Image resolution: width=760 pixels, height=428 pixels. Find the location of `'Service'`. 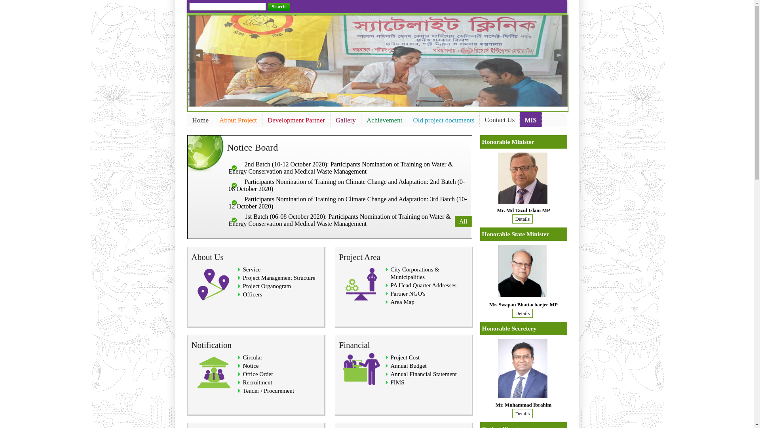

'Service' is located at coordinates (251, 269).